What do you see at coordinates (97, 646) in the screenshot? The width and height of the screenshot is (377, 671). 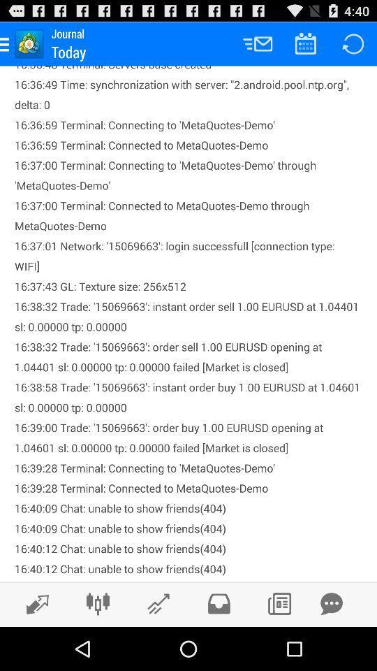 I see `the sliders icon` at bounding box center [97, 646].